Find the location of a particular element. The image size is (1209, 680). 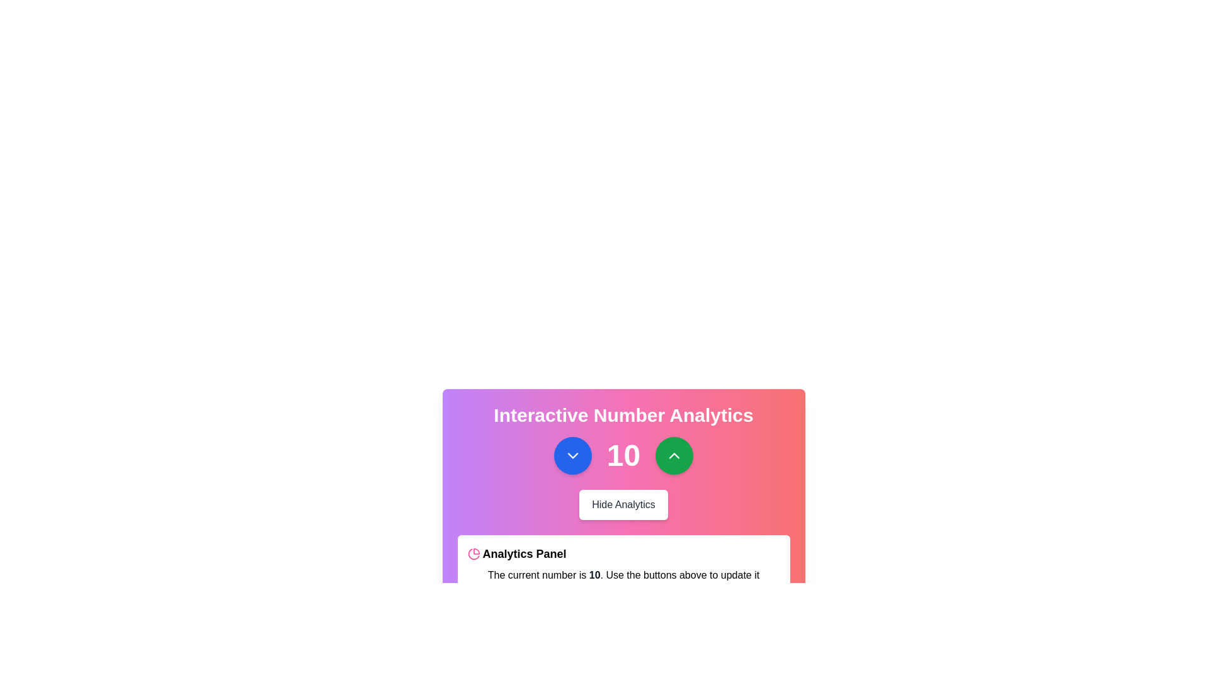

the toggle button located centrally below the numeric display and two circular buttons is located at coordinates (623, 504).